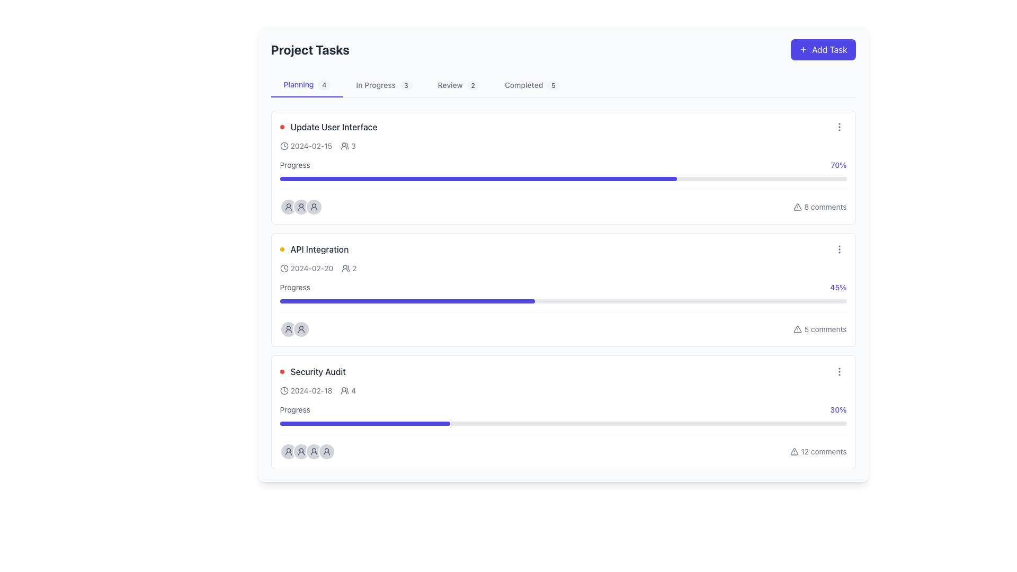 The height and width of the screenshot is (572, 1017). Describe the element at coordinates (288, 328) in the screenshot. I see `the circular avatar user profile placeholder with a light-gray background and white outline, which contains a dark-gray person icon, located in the bottom portion of the 'API Integration' task card` at that location.